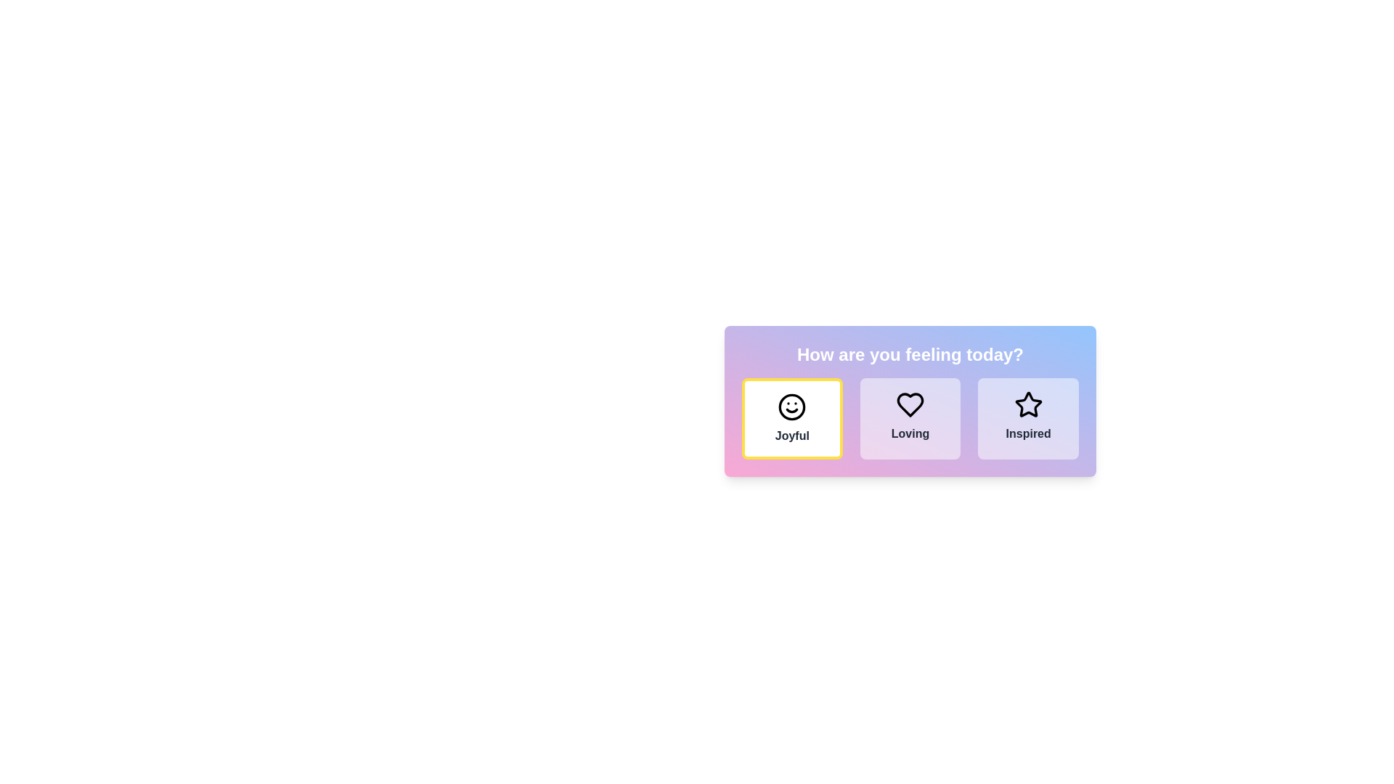 The image size is (1394, 784). What do you see at coordinates (909, 419) in the screenshot?
I see `the second button in the group of three, which represents the feeling 'Loving'` at bounding box center [909, 419].